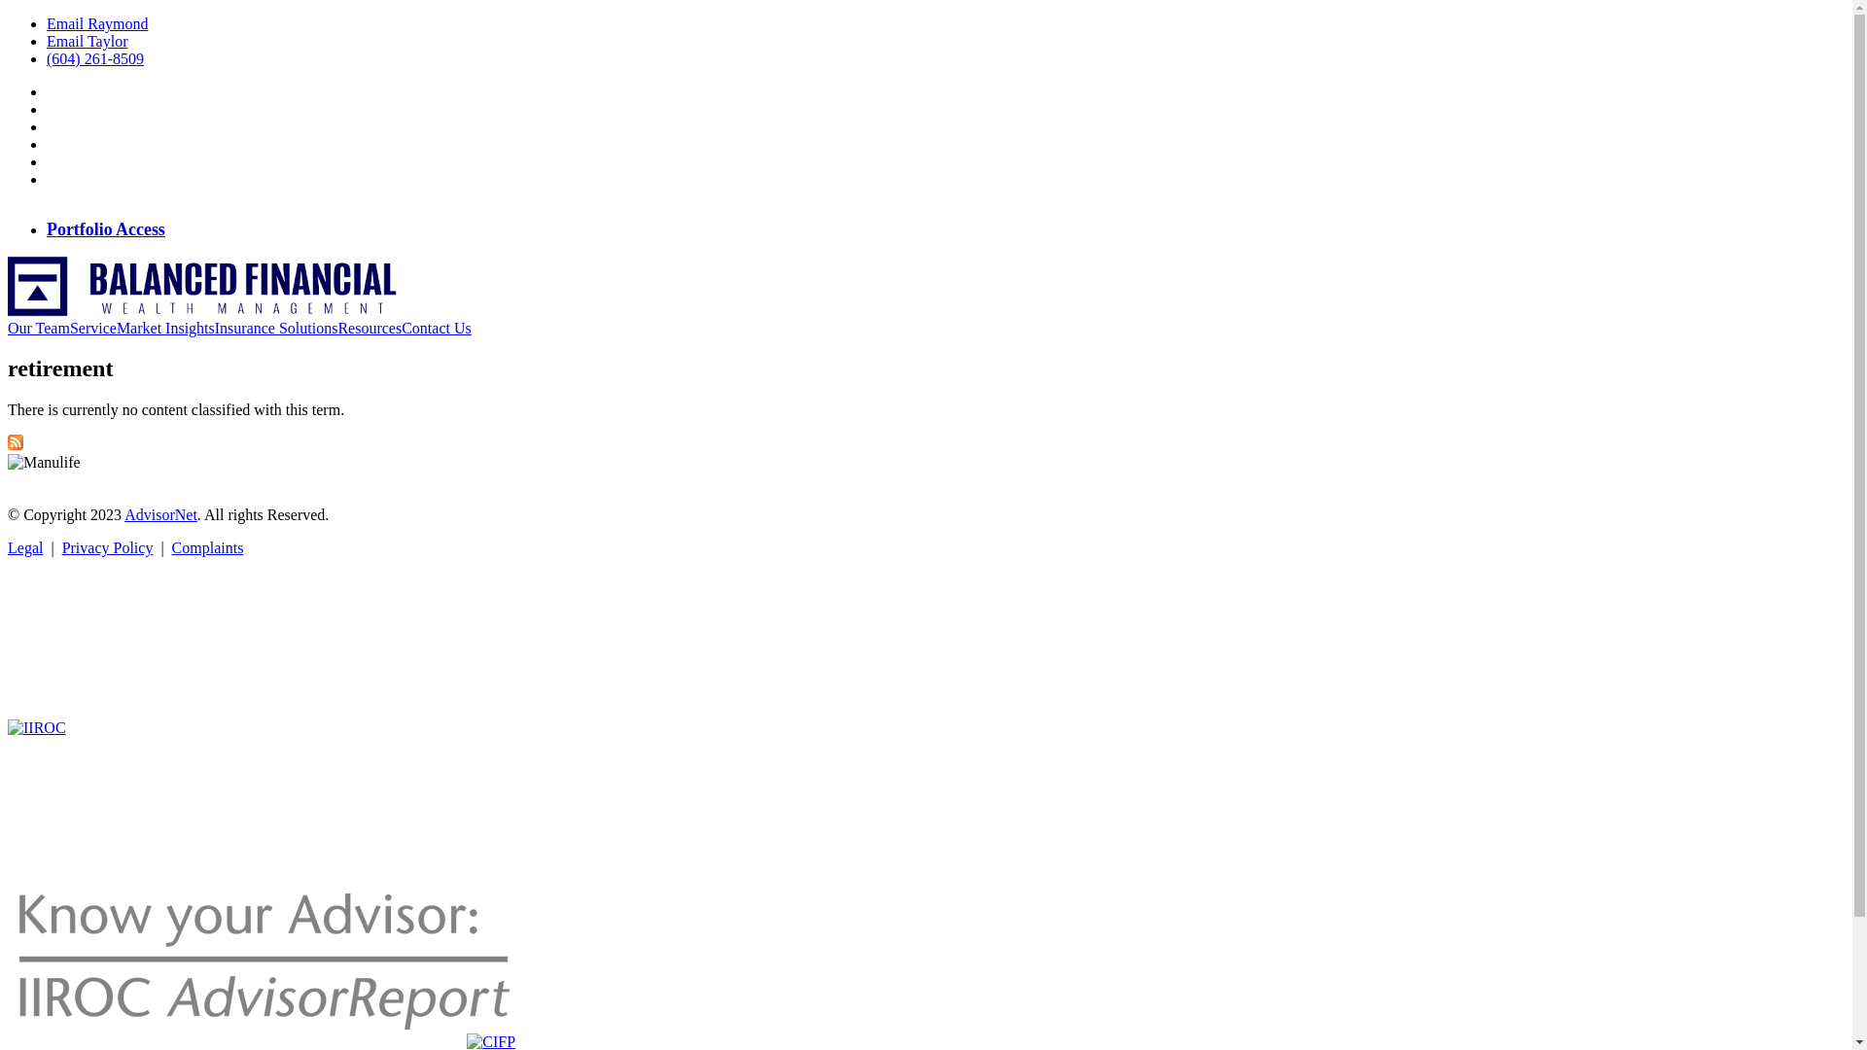 The image size is (1867, 1050). Describe the element at coordinates (96, 23) in the screenshot. I see `'Email Raymond'` at that location.